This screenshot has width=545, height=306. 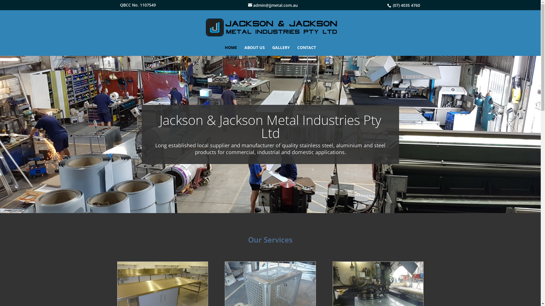 I want to click on 'HOME', so click(x=225, y=50).